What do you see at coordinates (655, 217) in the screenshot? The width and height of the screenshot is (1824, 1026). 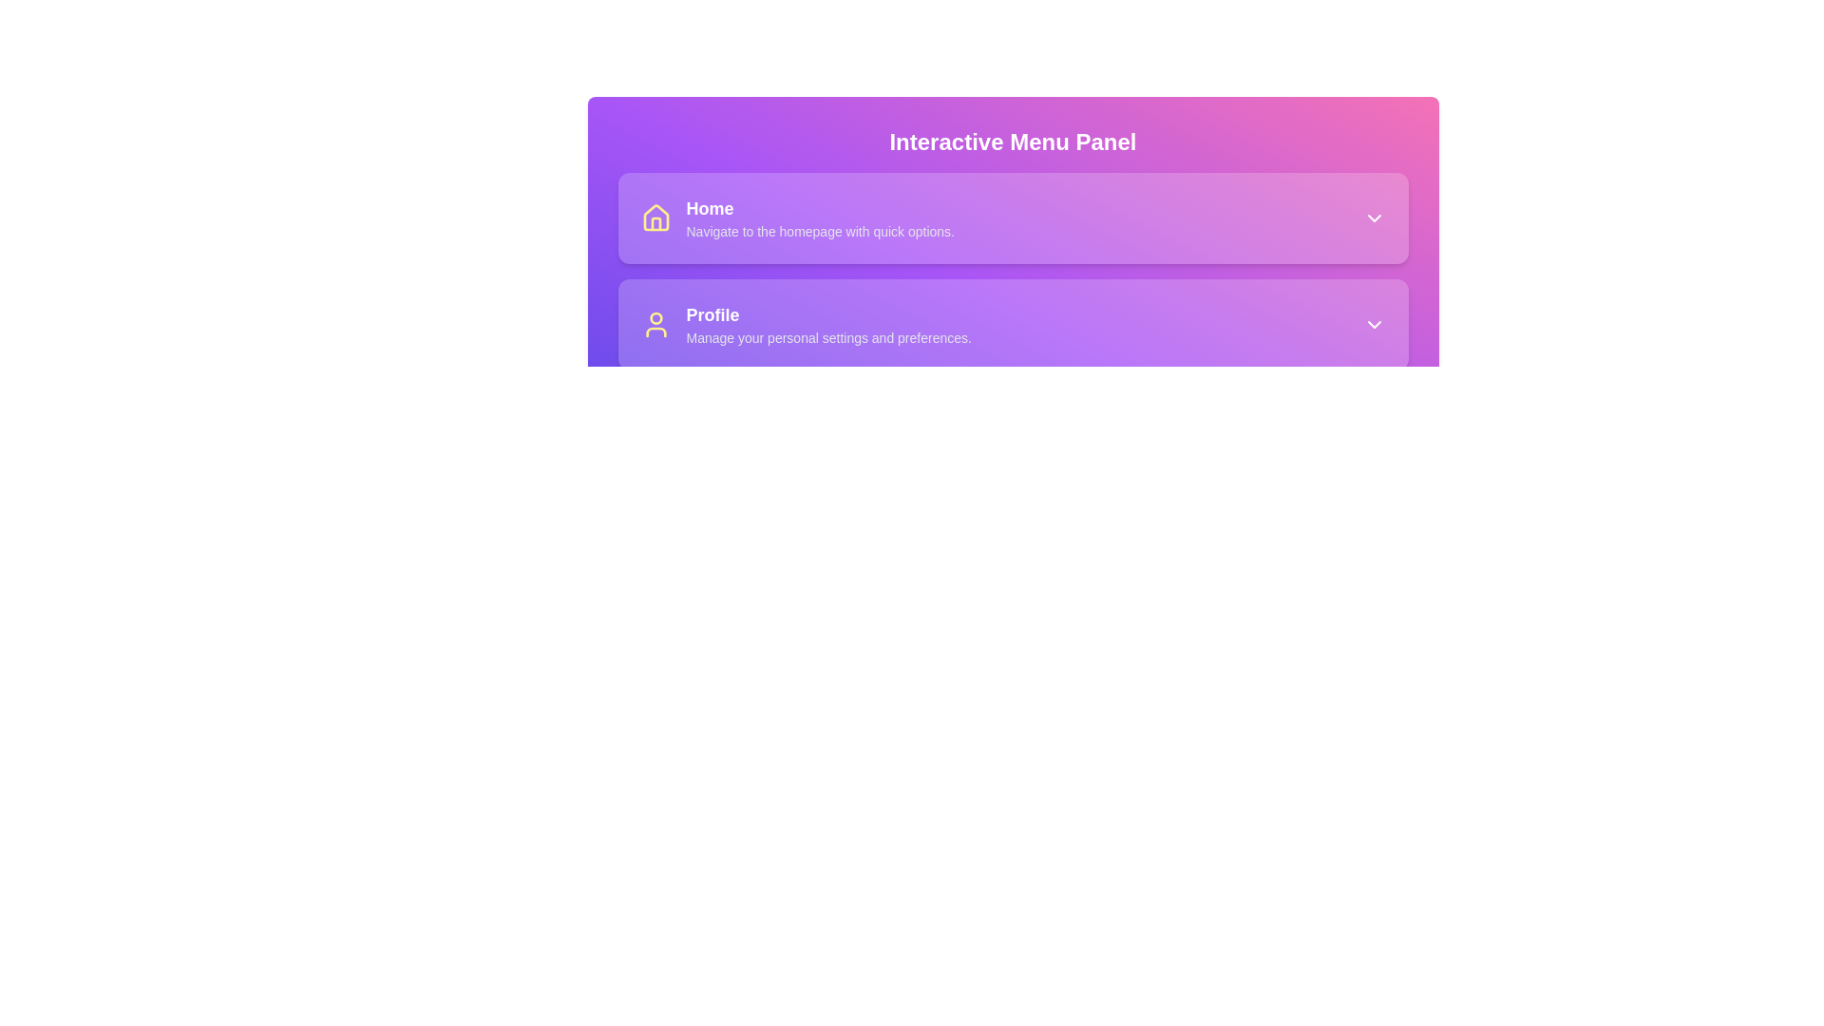 I see `the 'Home' graphic icon located on the left side of the 'Home' option in the interactive menu panel` at bounding box center [655, 217].